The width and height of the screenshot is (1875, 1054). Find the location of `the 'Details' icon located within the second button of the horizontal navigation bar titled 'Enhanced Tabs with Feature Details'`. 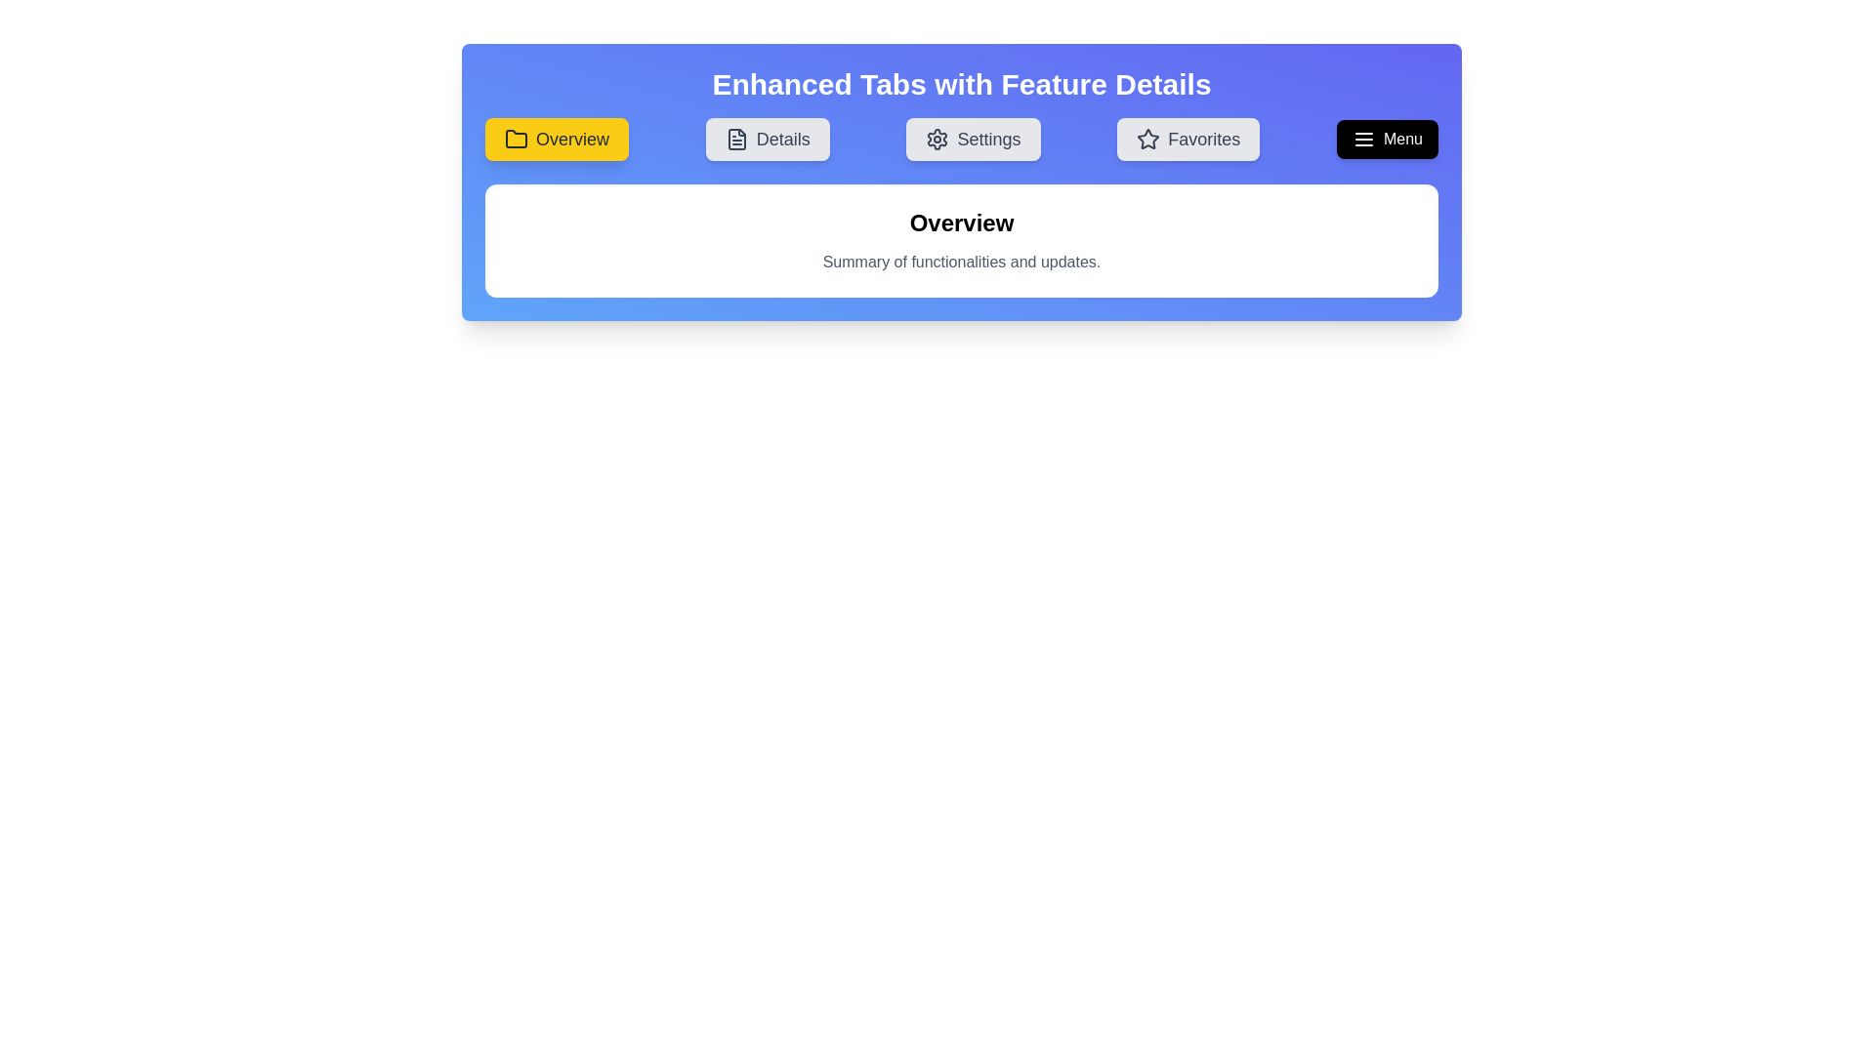

the 'Details' icon located within the second button of the horizontal navigation bar titled 'Enhanced Tabs with Feature Details' is located at coordinates (735, 138).